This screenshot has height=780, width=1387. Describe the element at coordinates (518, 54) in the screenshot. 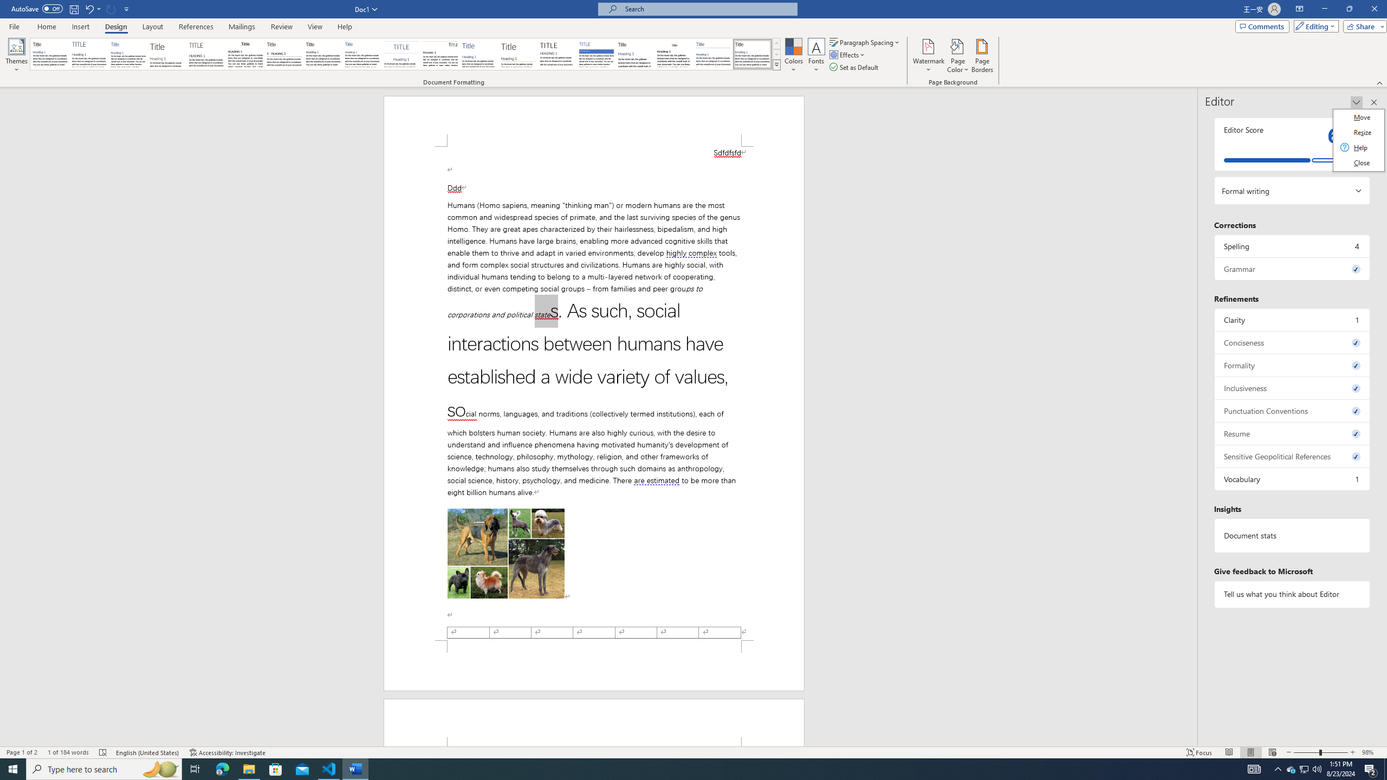

I see `'Lines (Stylish)'` at that location.